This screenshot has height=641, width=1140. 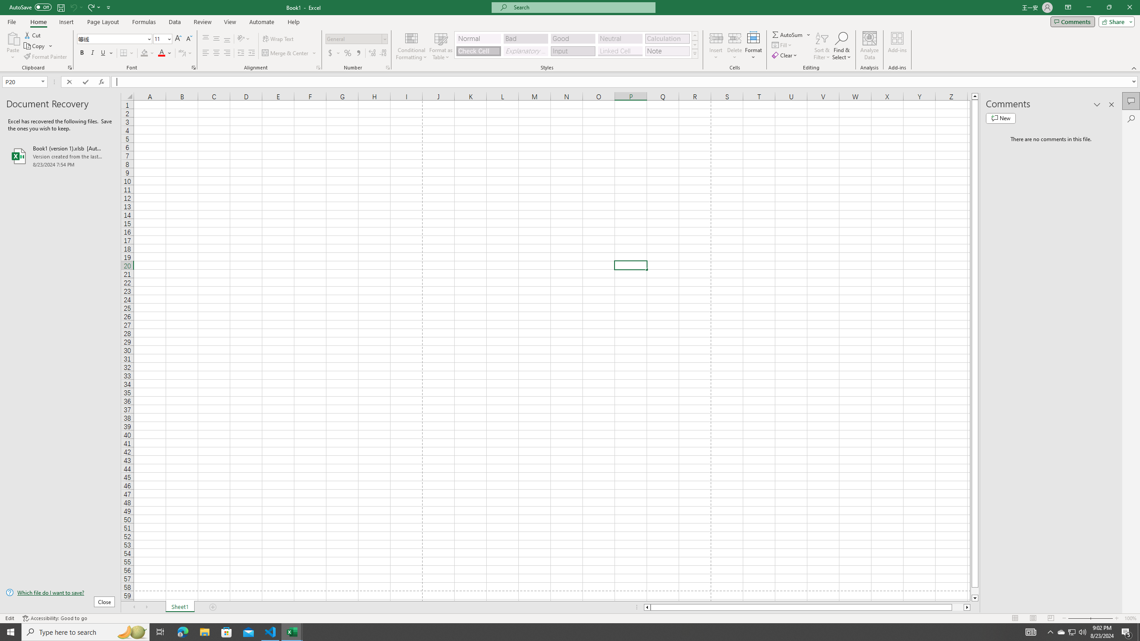 I want to click on 'Align Left', so click(x=205, y=53).